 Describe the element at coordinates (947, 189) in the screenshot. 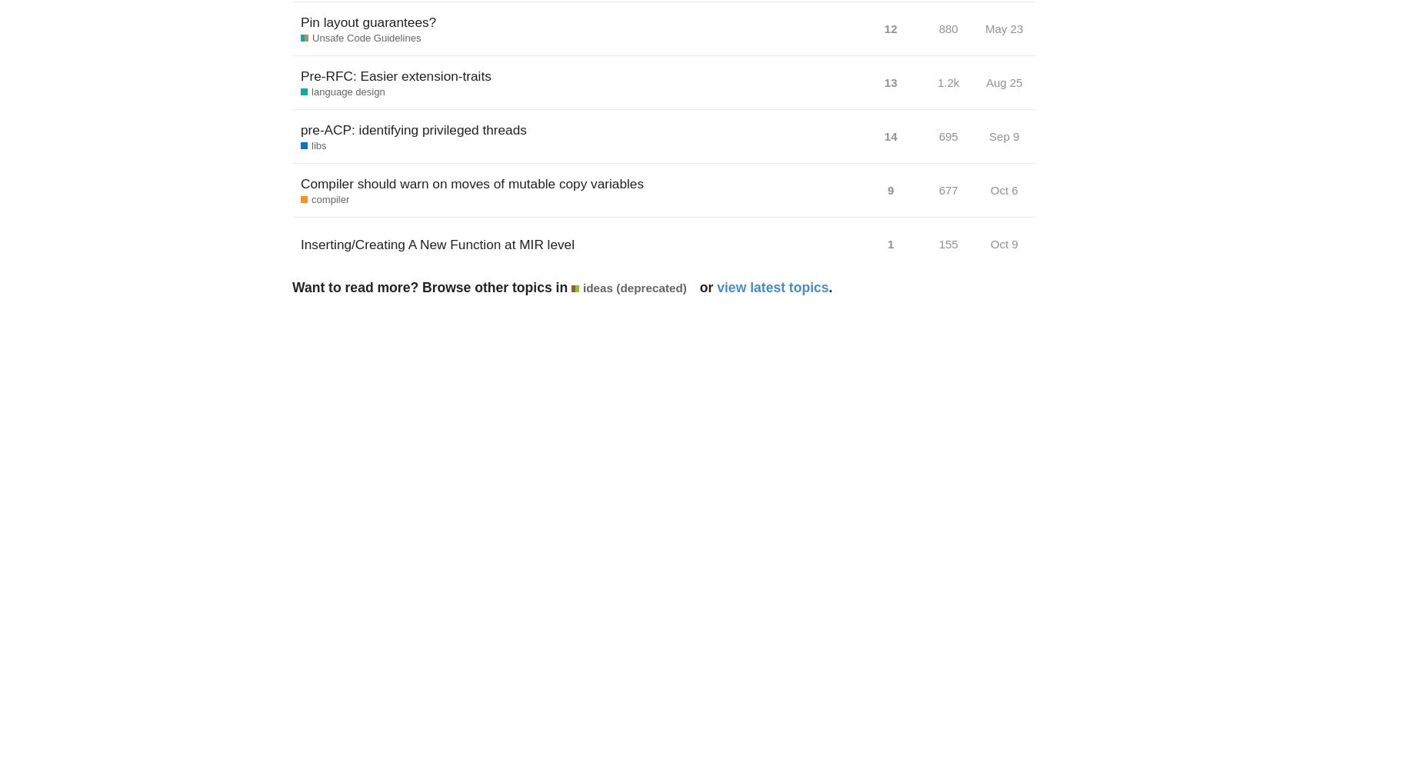

I see `'677'` at that location.